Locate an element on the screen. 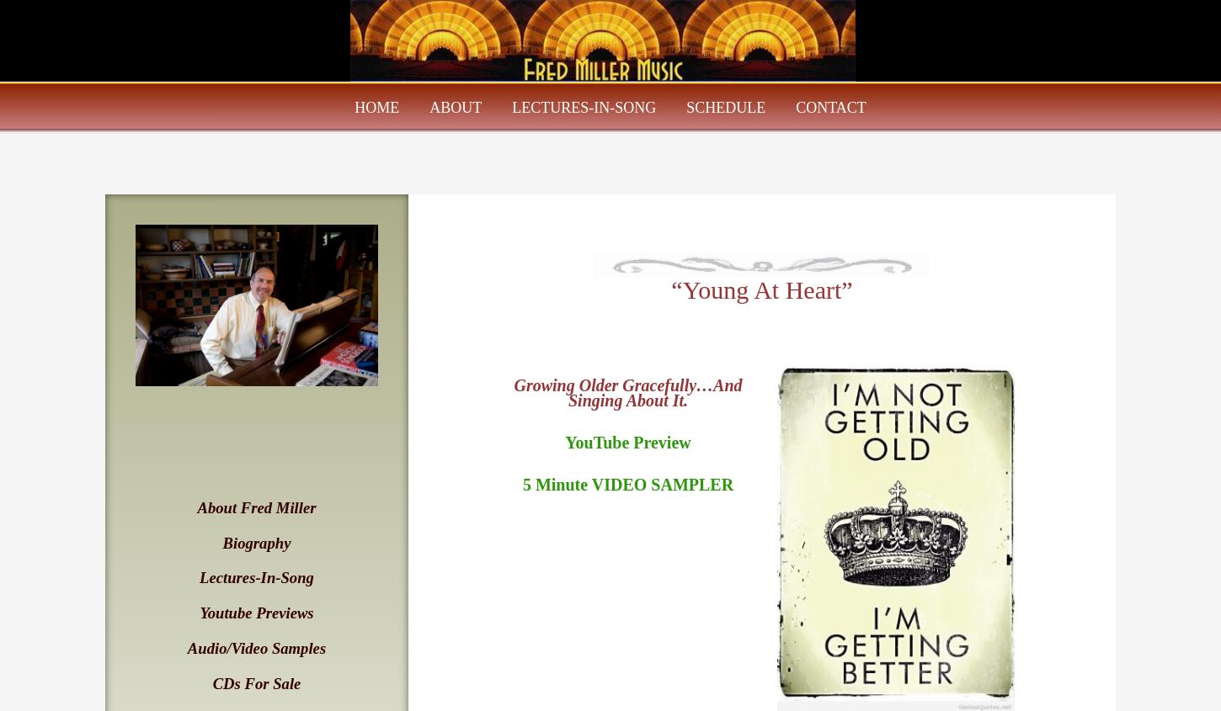 Image resolution: width=1221 pixels, height=711 pixels. '“Young At Heart”' is located at coordinates (760, 289).